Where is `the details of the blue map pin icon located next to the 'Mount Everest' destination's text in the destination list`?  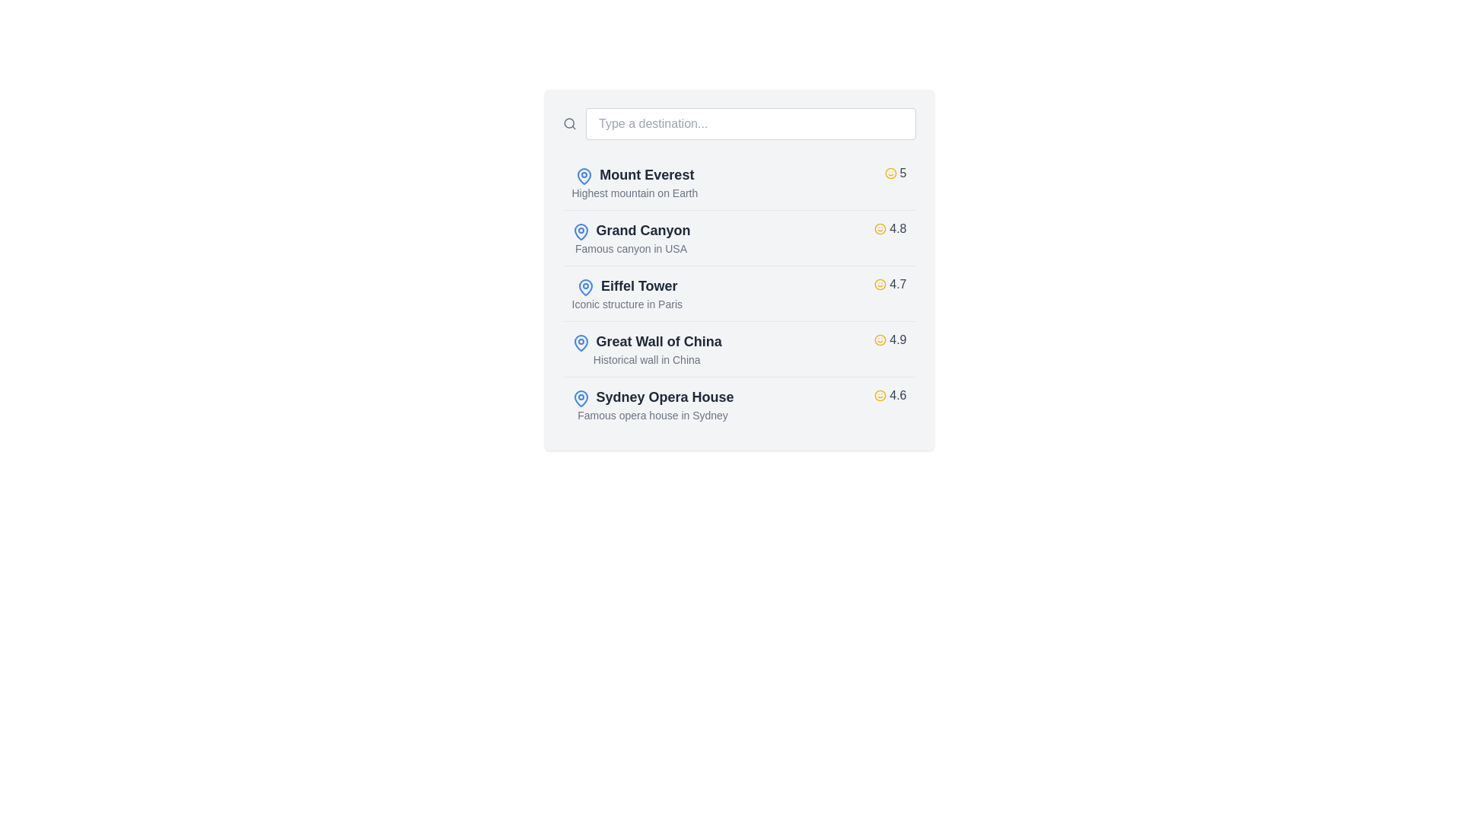
the details of the blue map pin icon located next to the 'Mount Everest' destination's text in the destination list is located at coordinates (584, 175).